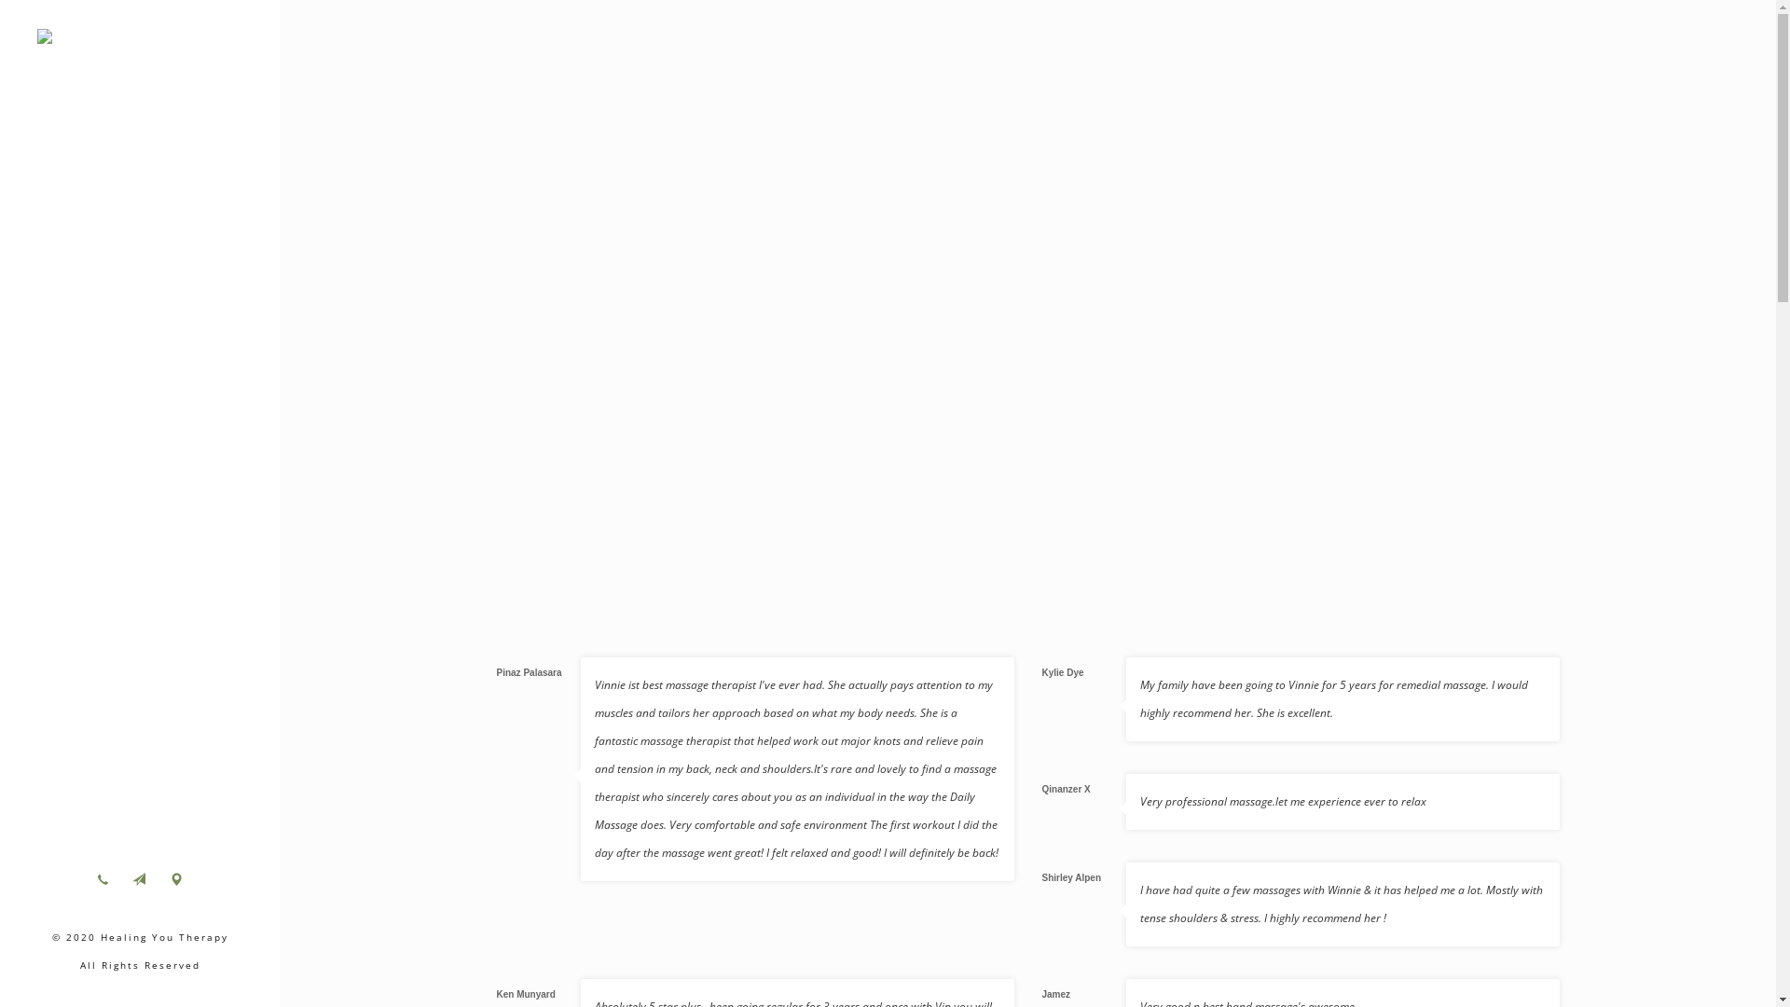 Image resolution: width=1790 pixels, height=1007 pixels. What do you see at coordinates (87, 878) in the screenshot?
I see `'Phone'` at bounding box center [87, 878].